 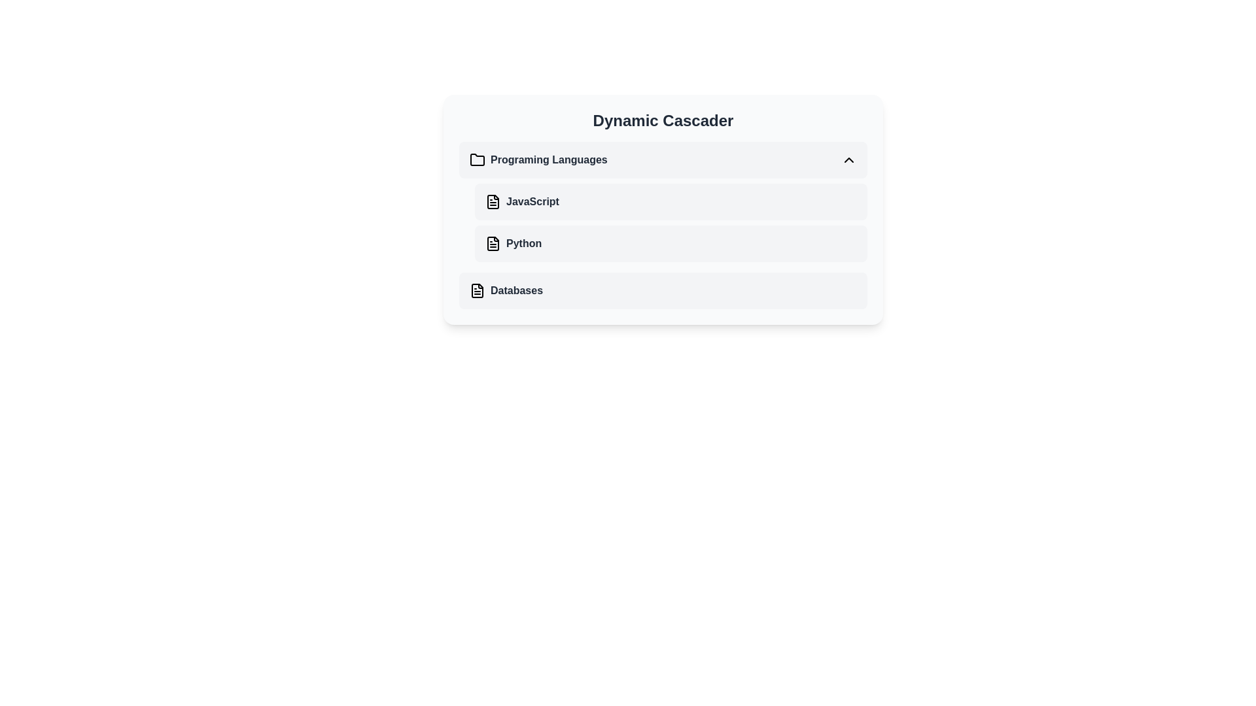 What do you see at coordinates (671, 244) in the screenshot?
I see `the 'Python' button, which is the second item in the 'Programming Languages' dropdown menu` at bounding box center [671, 244].